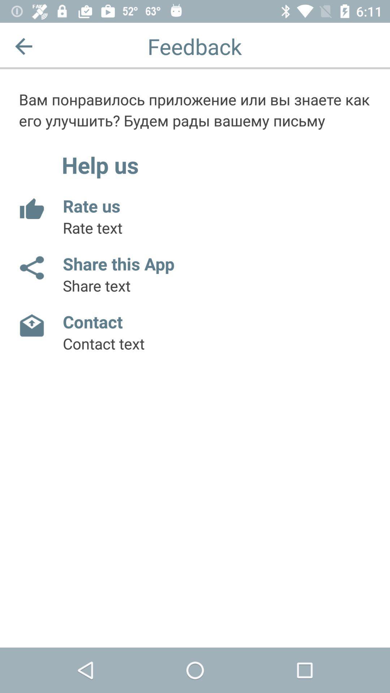 Image resolution: width=390 pixels, height=693 pixels. What do you see at coordinates (31, 325) in the screenshot?
I see `contact` at bounding box center [31, 325].